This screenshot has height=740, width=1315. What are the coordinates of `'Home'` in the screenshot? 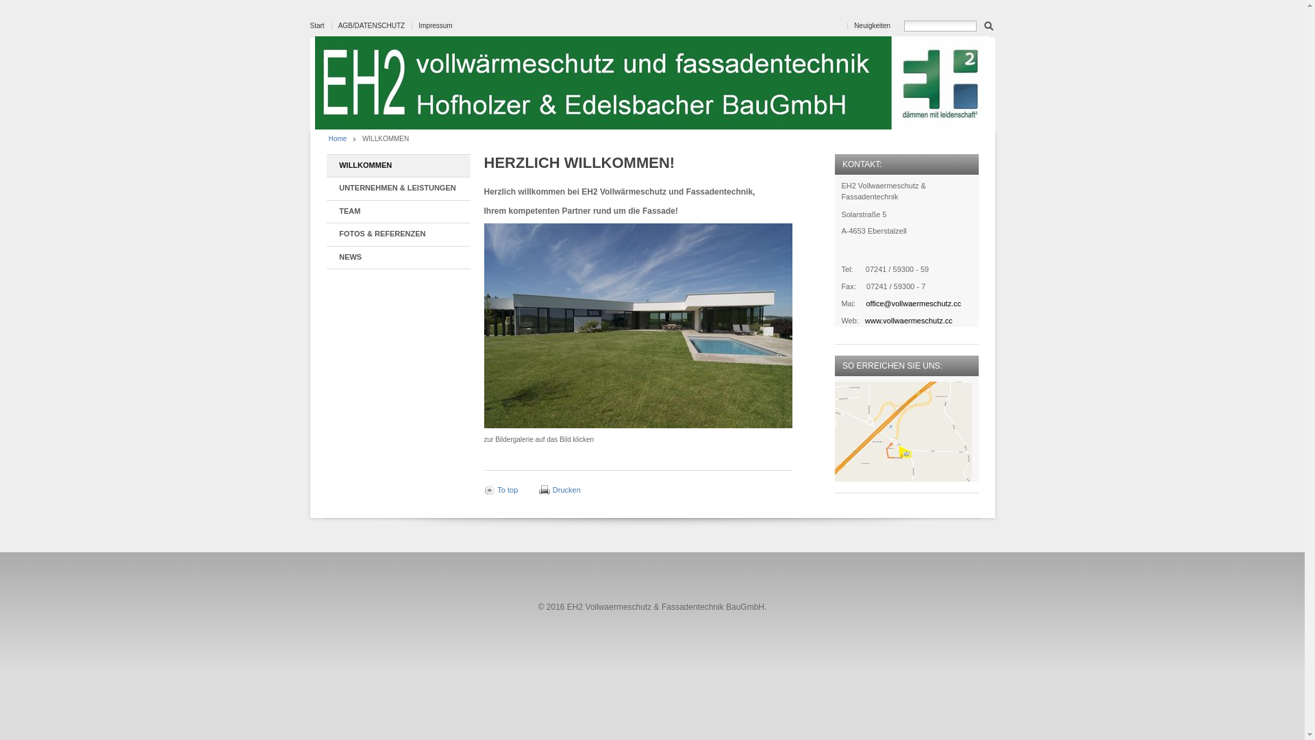 It's located at (329, 138).